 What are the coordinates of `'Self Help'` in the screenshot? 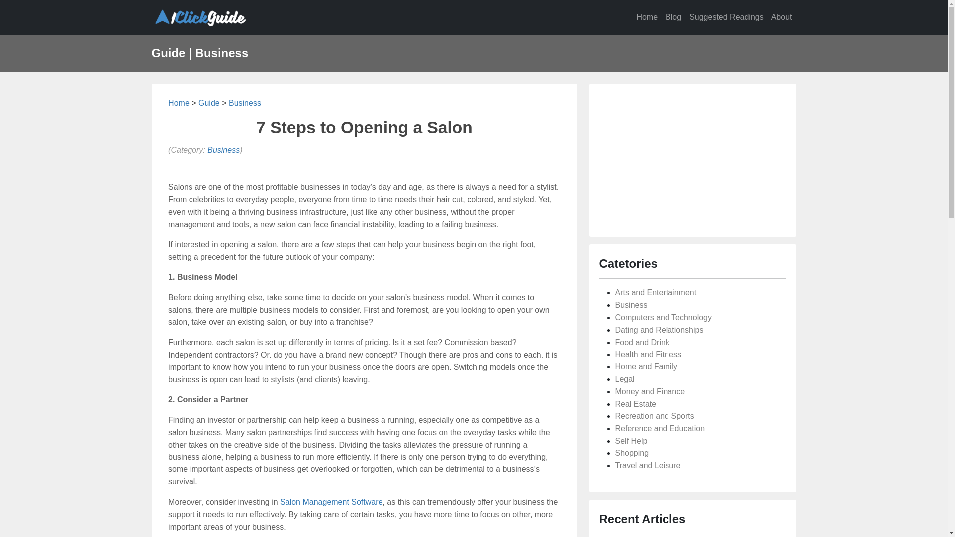 It's located at (630, 440).